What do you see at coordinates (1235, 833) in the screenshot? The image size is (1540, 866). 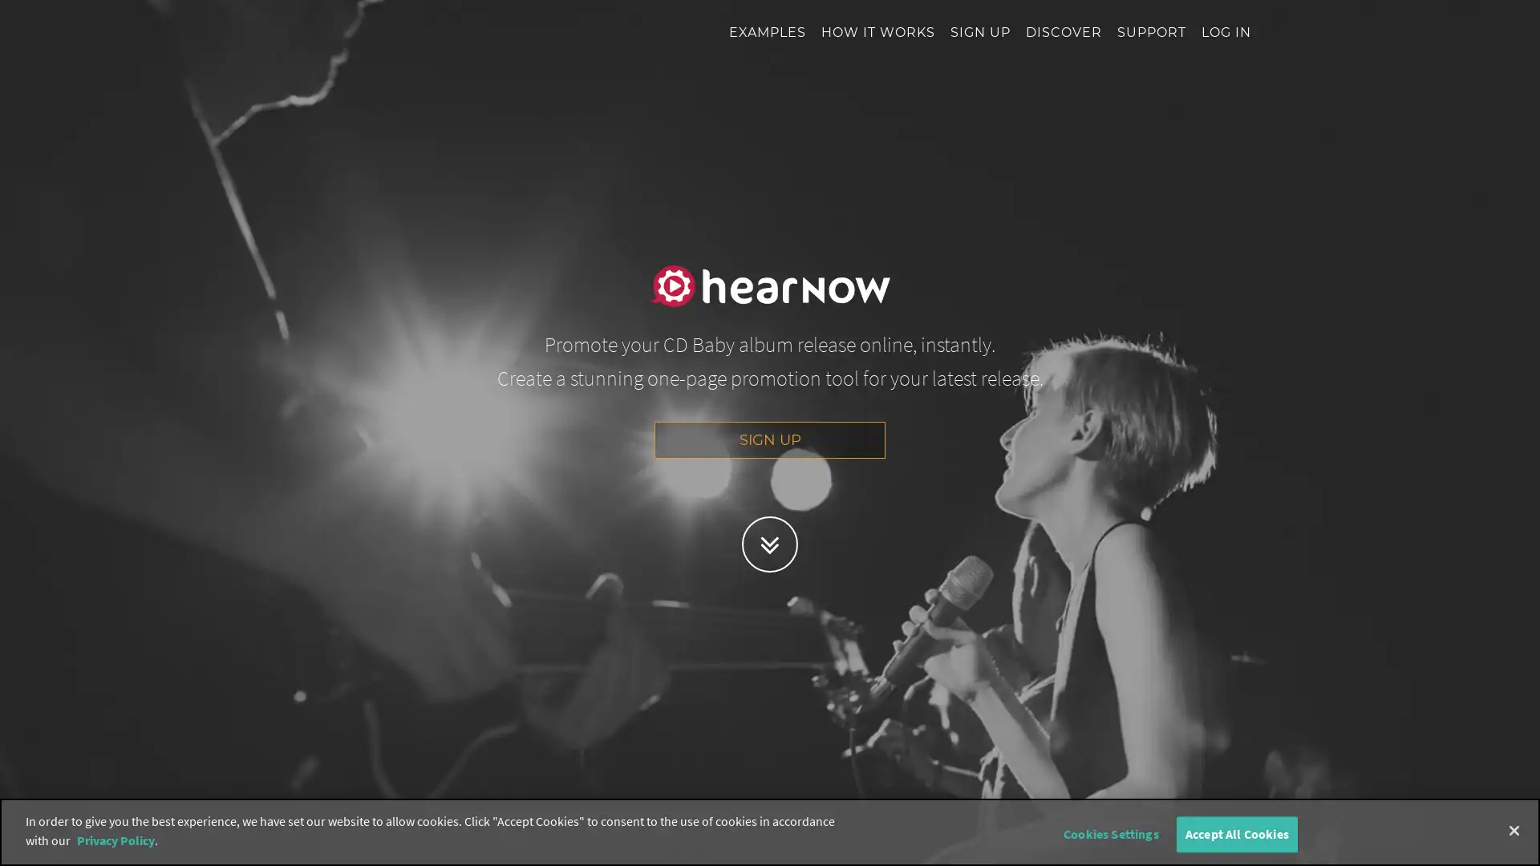 I see `Accept All Cookies` at bounding box center [1235, 833].